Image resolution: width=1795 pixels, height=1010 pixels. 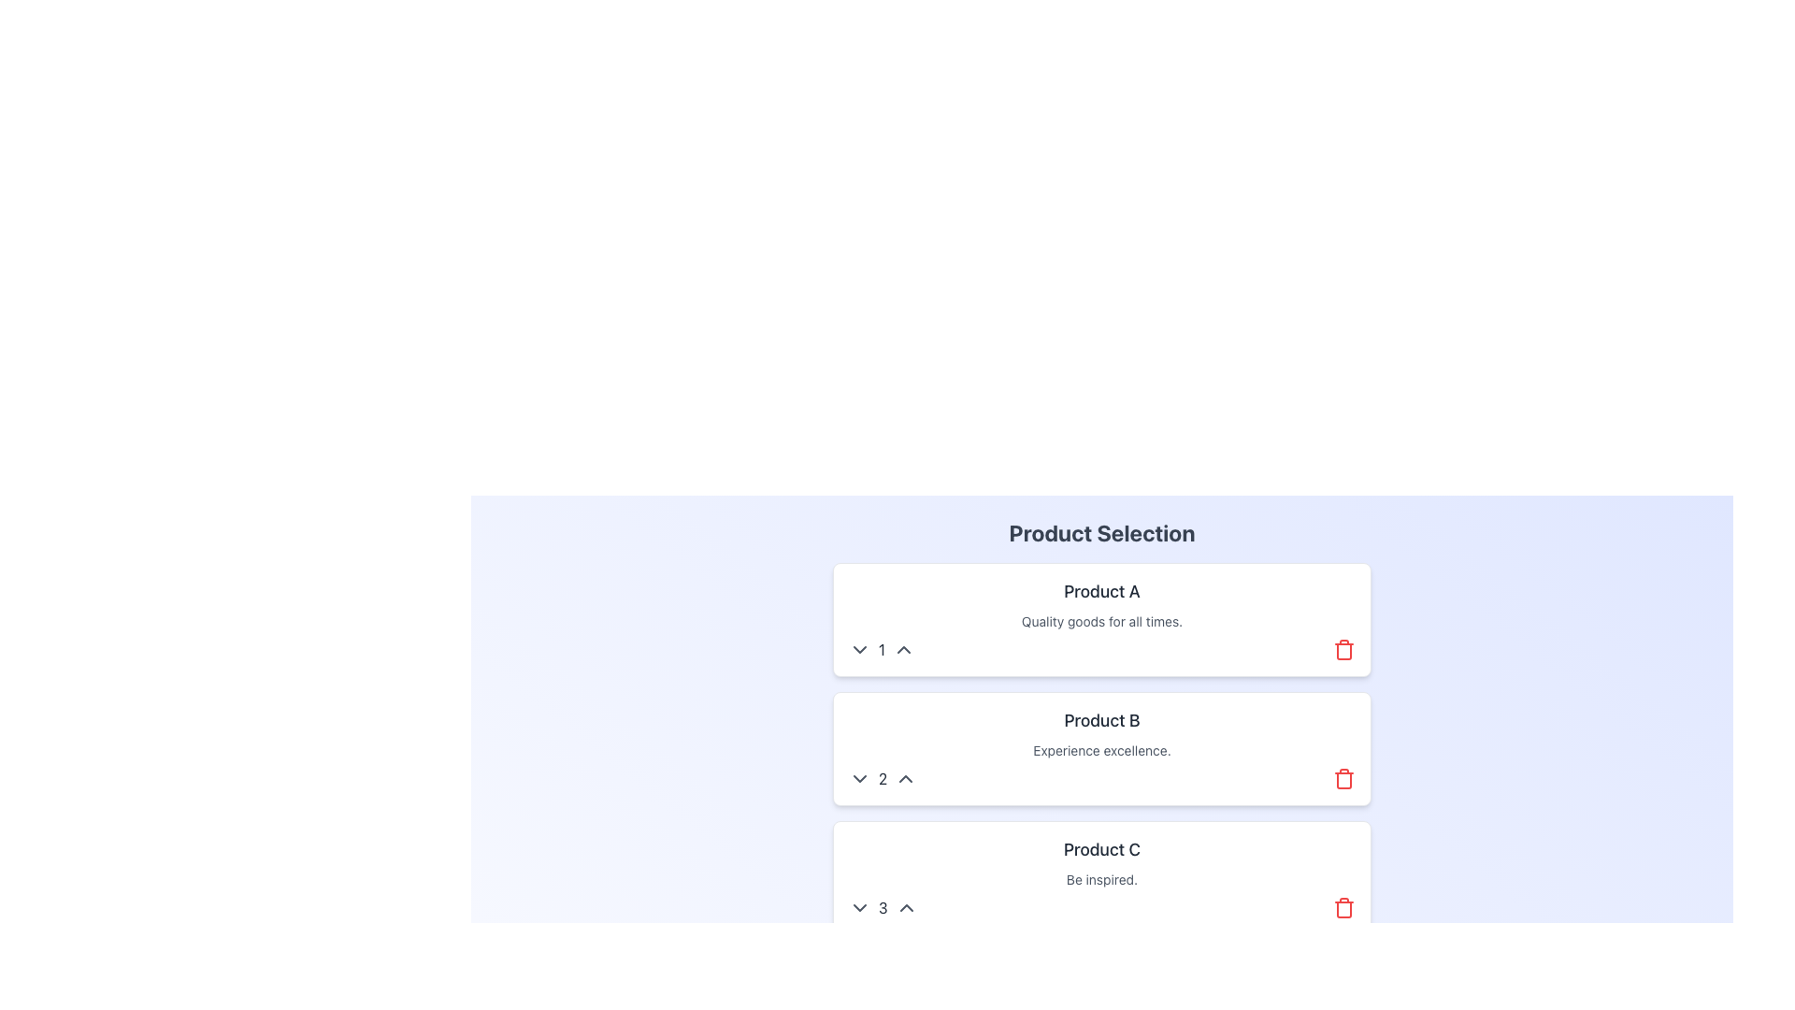 What do you see at coordinates (1343, 907) in the screenshot?
I see `the red trash can icon button located at the bottom right corner of the 'Product C' card` at bounding box center [1343, 907].